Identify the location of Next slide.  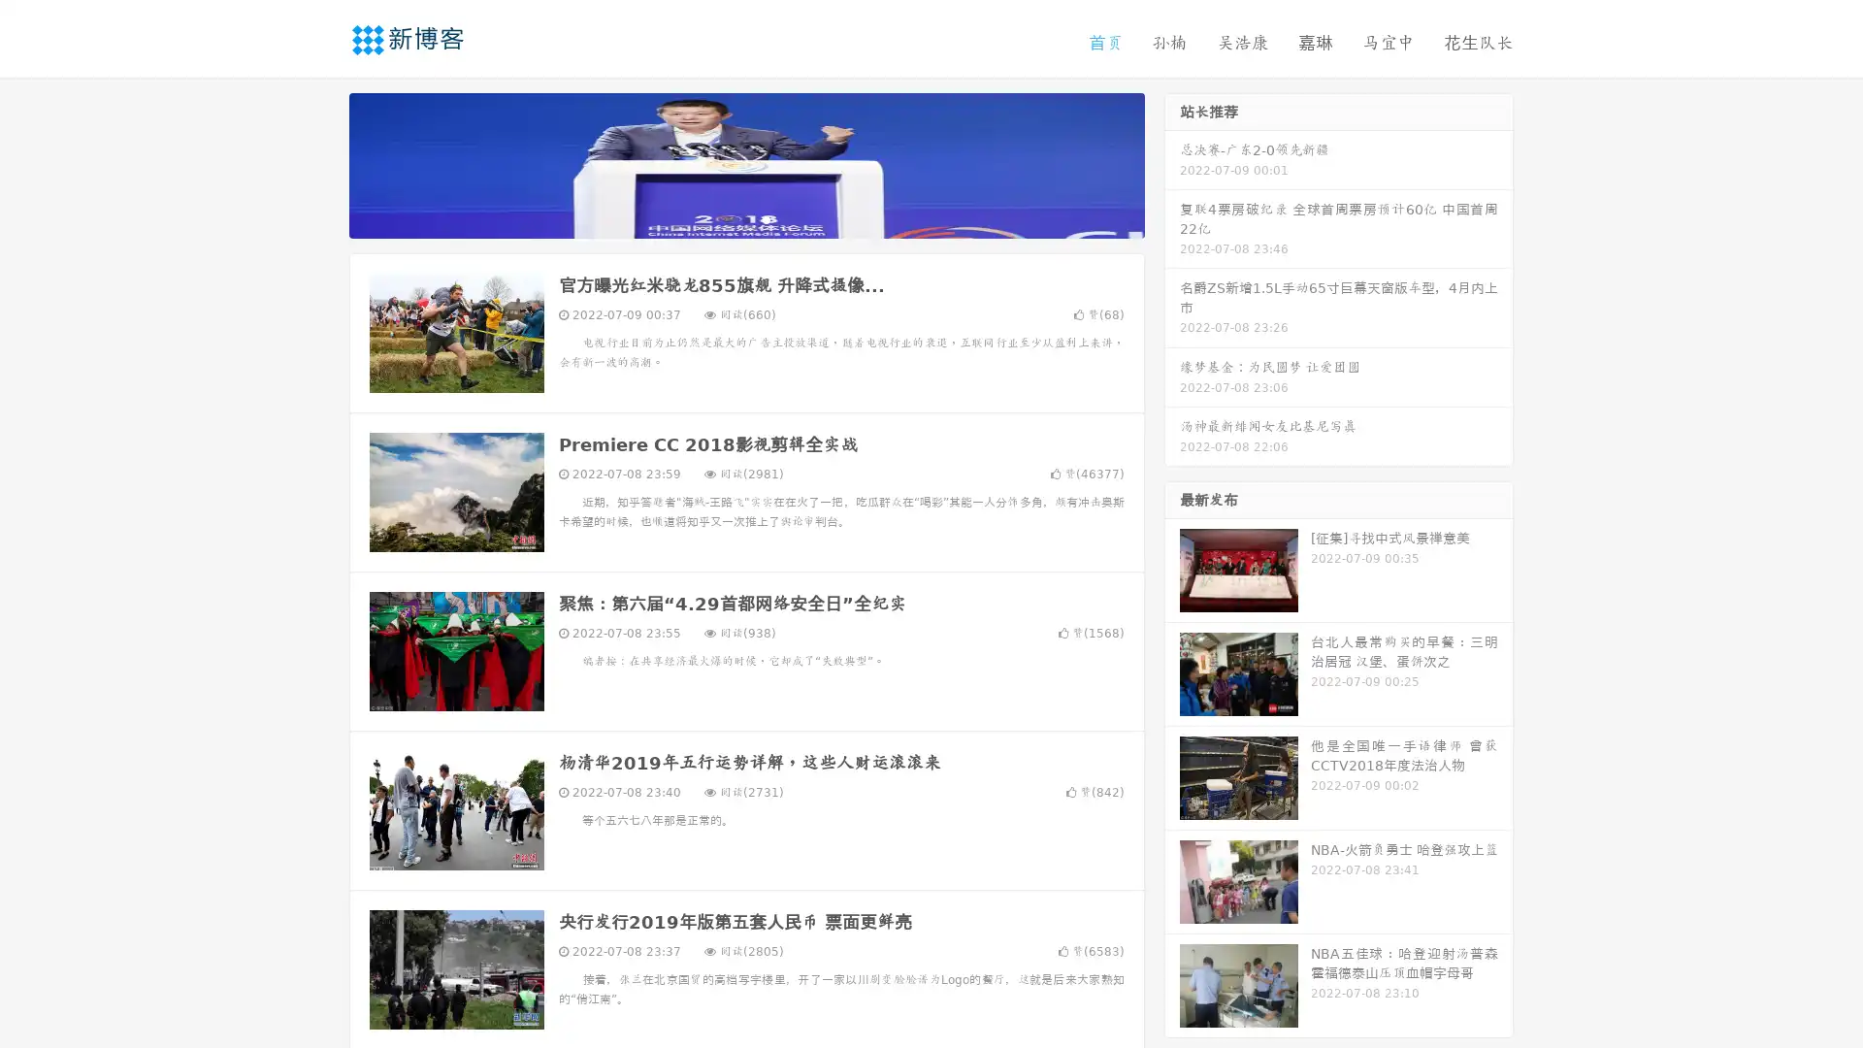
(1172, 163).